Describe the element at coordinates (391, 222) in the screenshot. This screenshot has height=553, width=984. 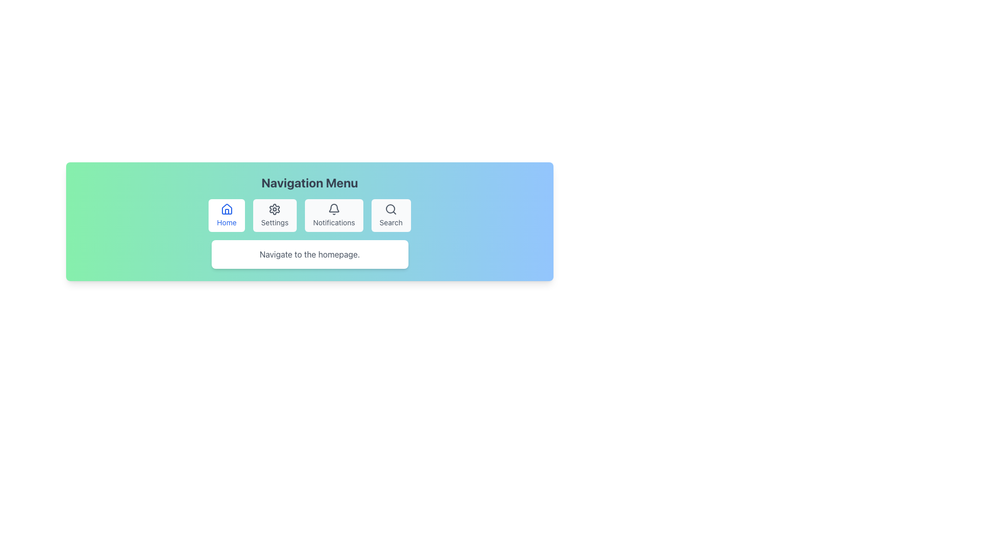
I see `text label located at the bottom part of the rounded rectangle search button, which is the fourth option from the left in the horizontal navigation menu` at that location.